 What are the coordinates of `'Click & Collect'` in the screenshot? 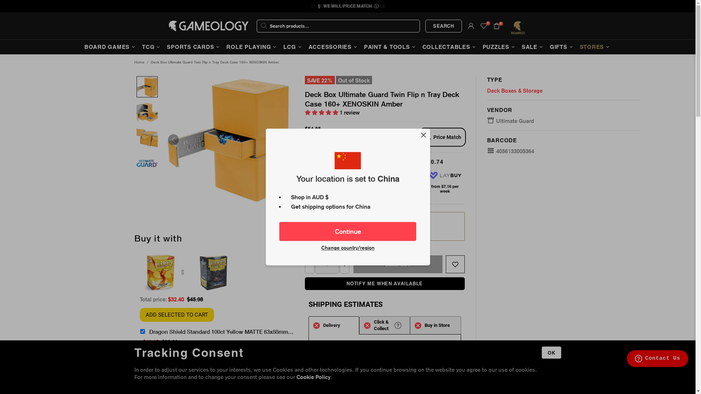 It's located at (384, 325).